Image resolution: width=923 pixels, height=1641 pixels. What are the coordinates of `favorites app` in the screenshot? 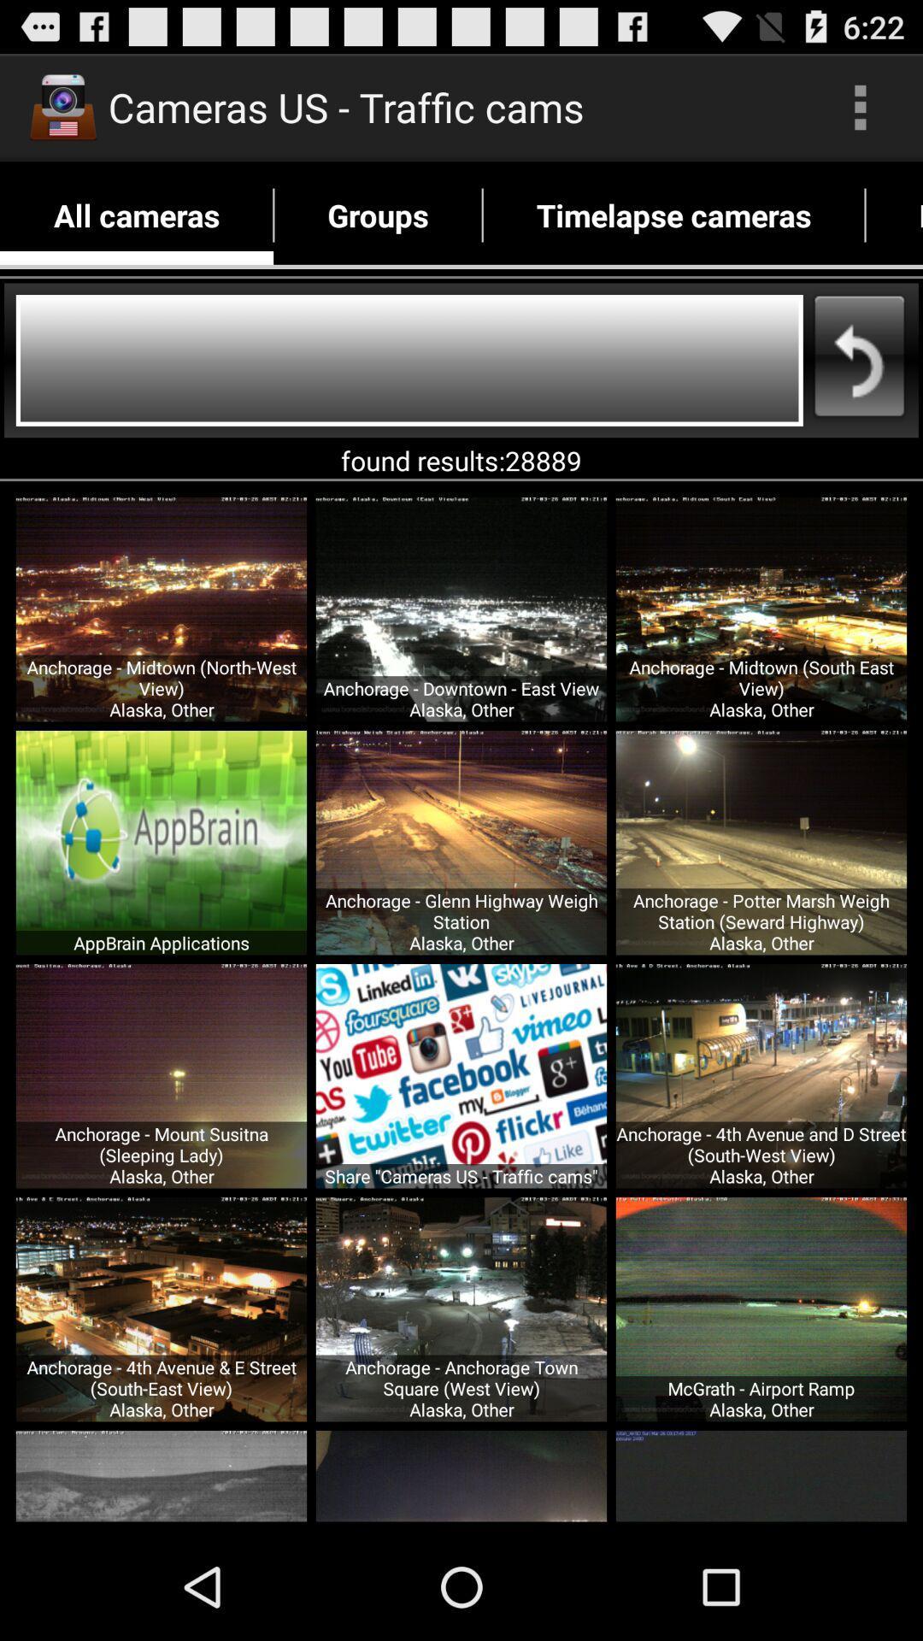 It's located at (893, 215).